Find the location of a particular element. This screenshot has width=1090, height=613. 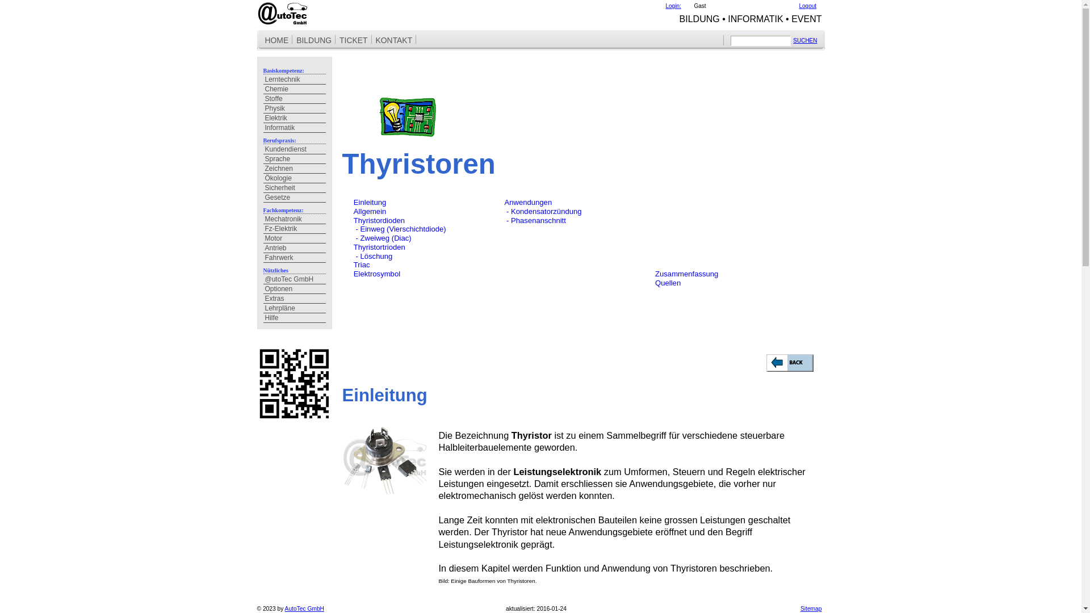

'KONTAKT' is located at coordinates (393, 39).